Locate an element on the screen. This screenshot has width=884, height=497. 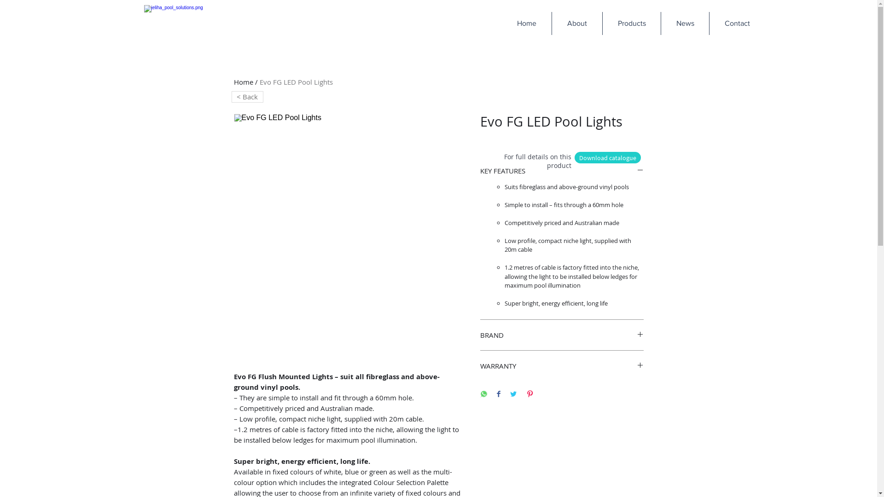
'News' is located at coordinates (685, 23).